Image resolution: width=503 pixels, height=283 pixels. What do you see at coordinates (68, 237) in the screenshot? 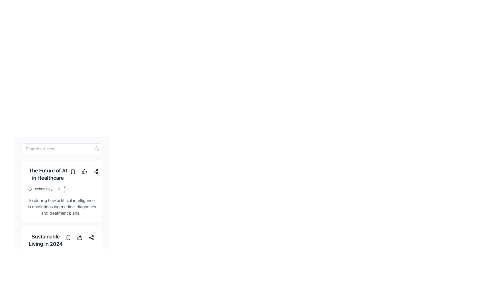
I see `the bookmark button located immediately to the right of the text 'Sustainable Living in 2024'` at bounding box center [68, 237].